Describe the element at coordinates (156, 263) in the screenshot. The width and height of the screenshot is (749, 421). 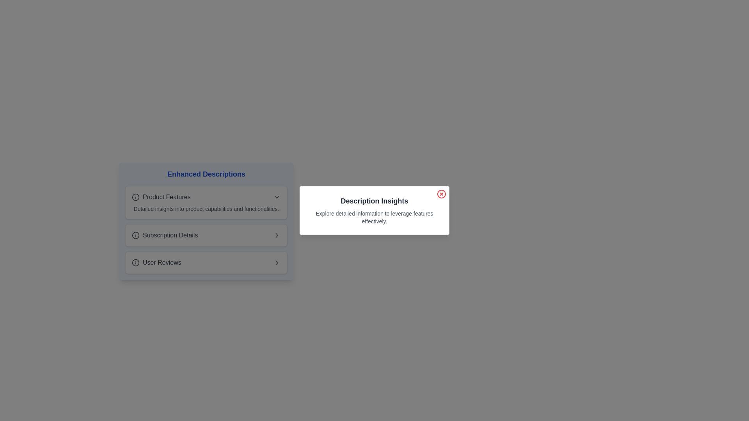
I see `text-linked navigational element for user reviews, positioned at the bottom of the 'Enhanced Descriptions' section, following 'Product Features' and 'Subscription Details'` at that location.